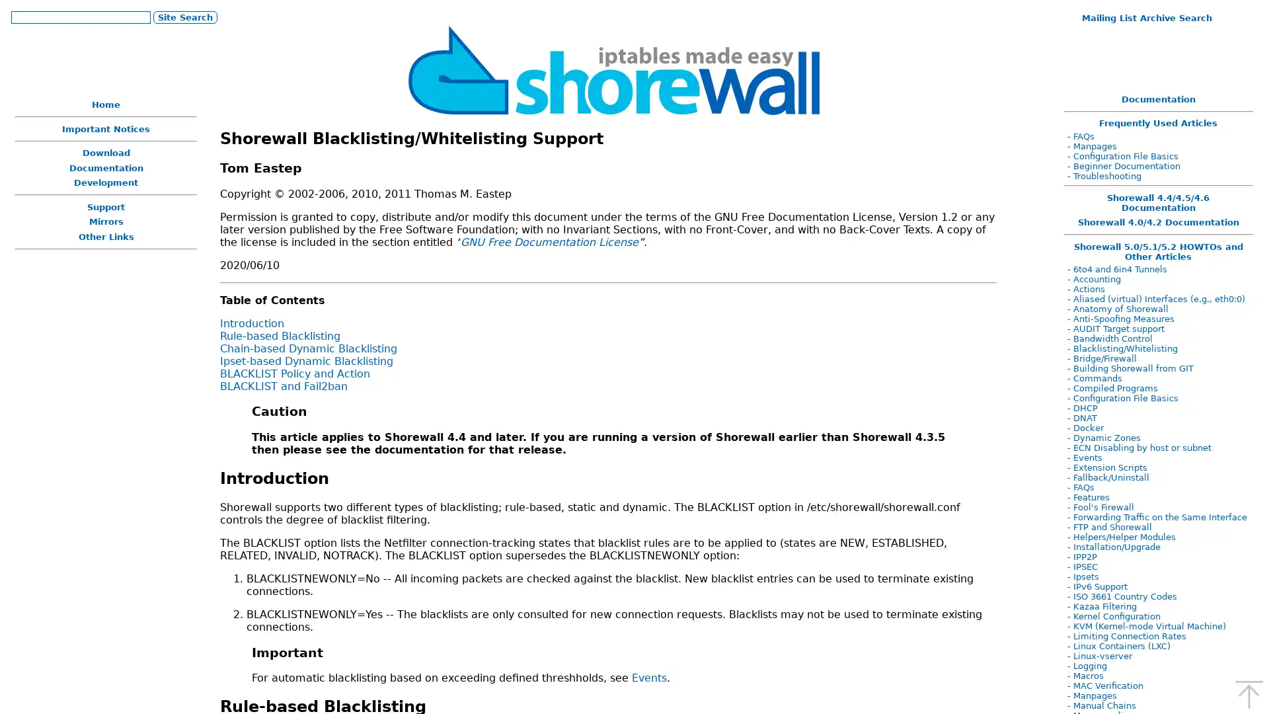 This screenshot has width=1269, height=714. What do you see at coordinates (184, 17) in the screenshot?
I see `Site Search` at bounding box center [184, 17].